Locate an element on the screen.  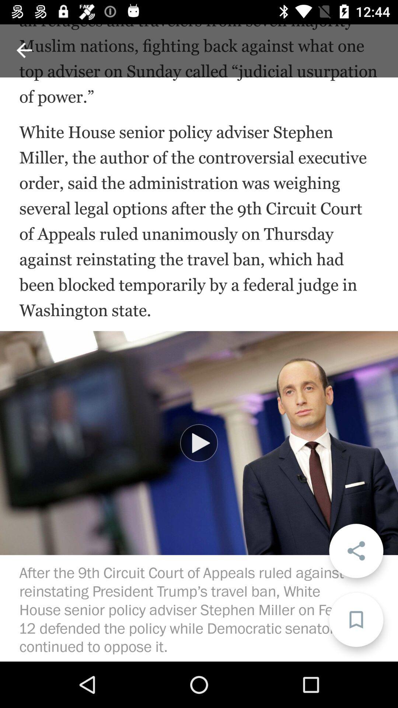
app above after the 9th icon is located at coordinates (199, 442).